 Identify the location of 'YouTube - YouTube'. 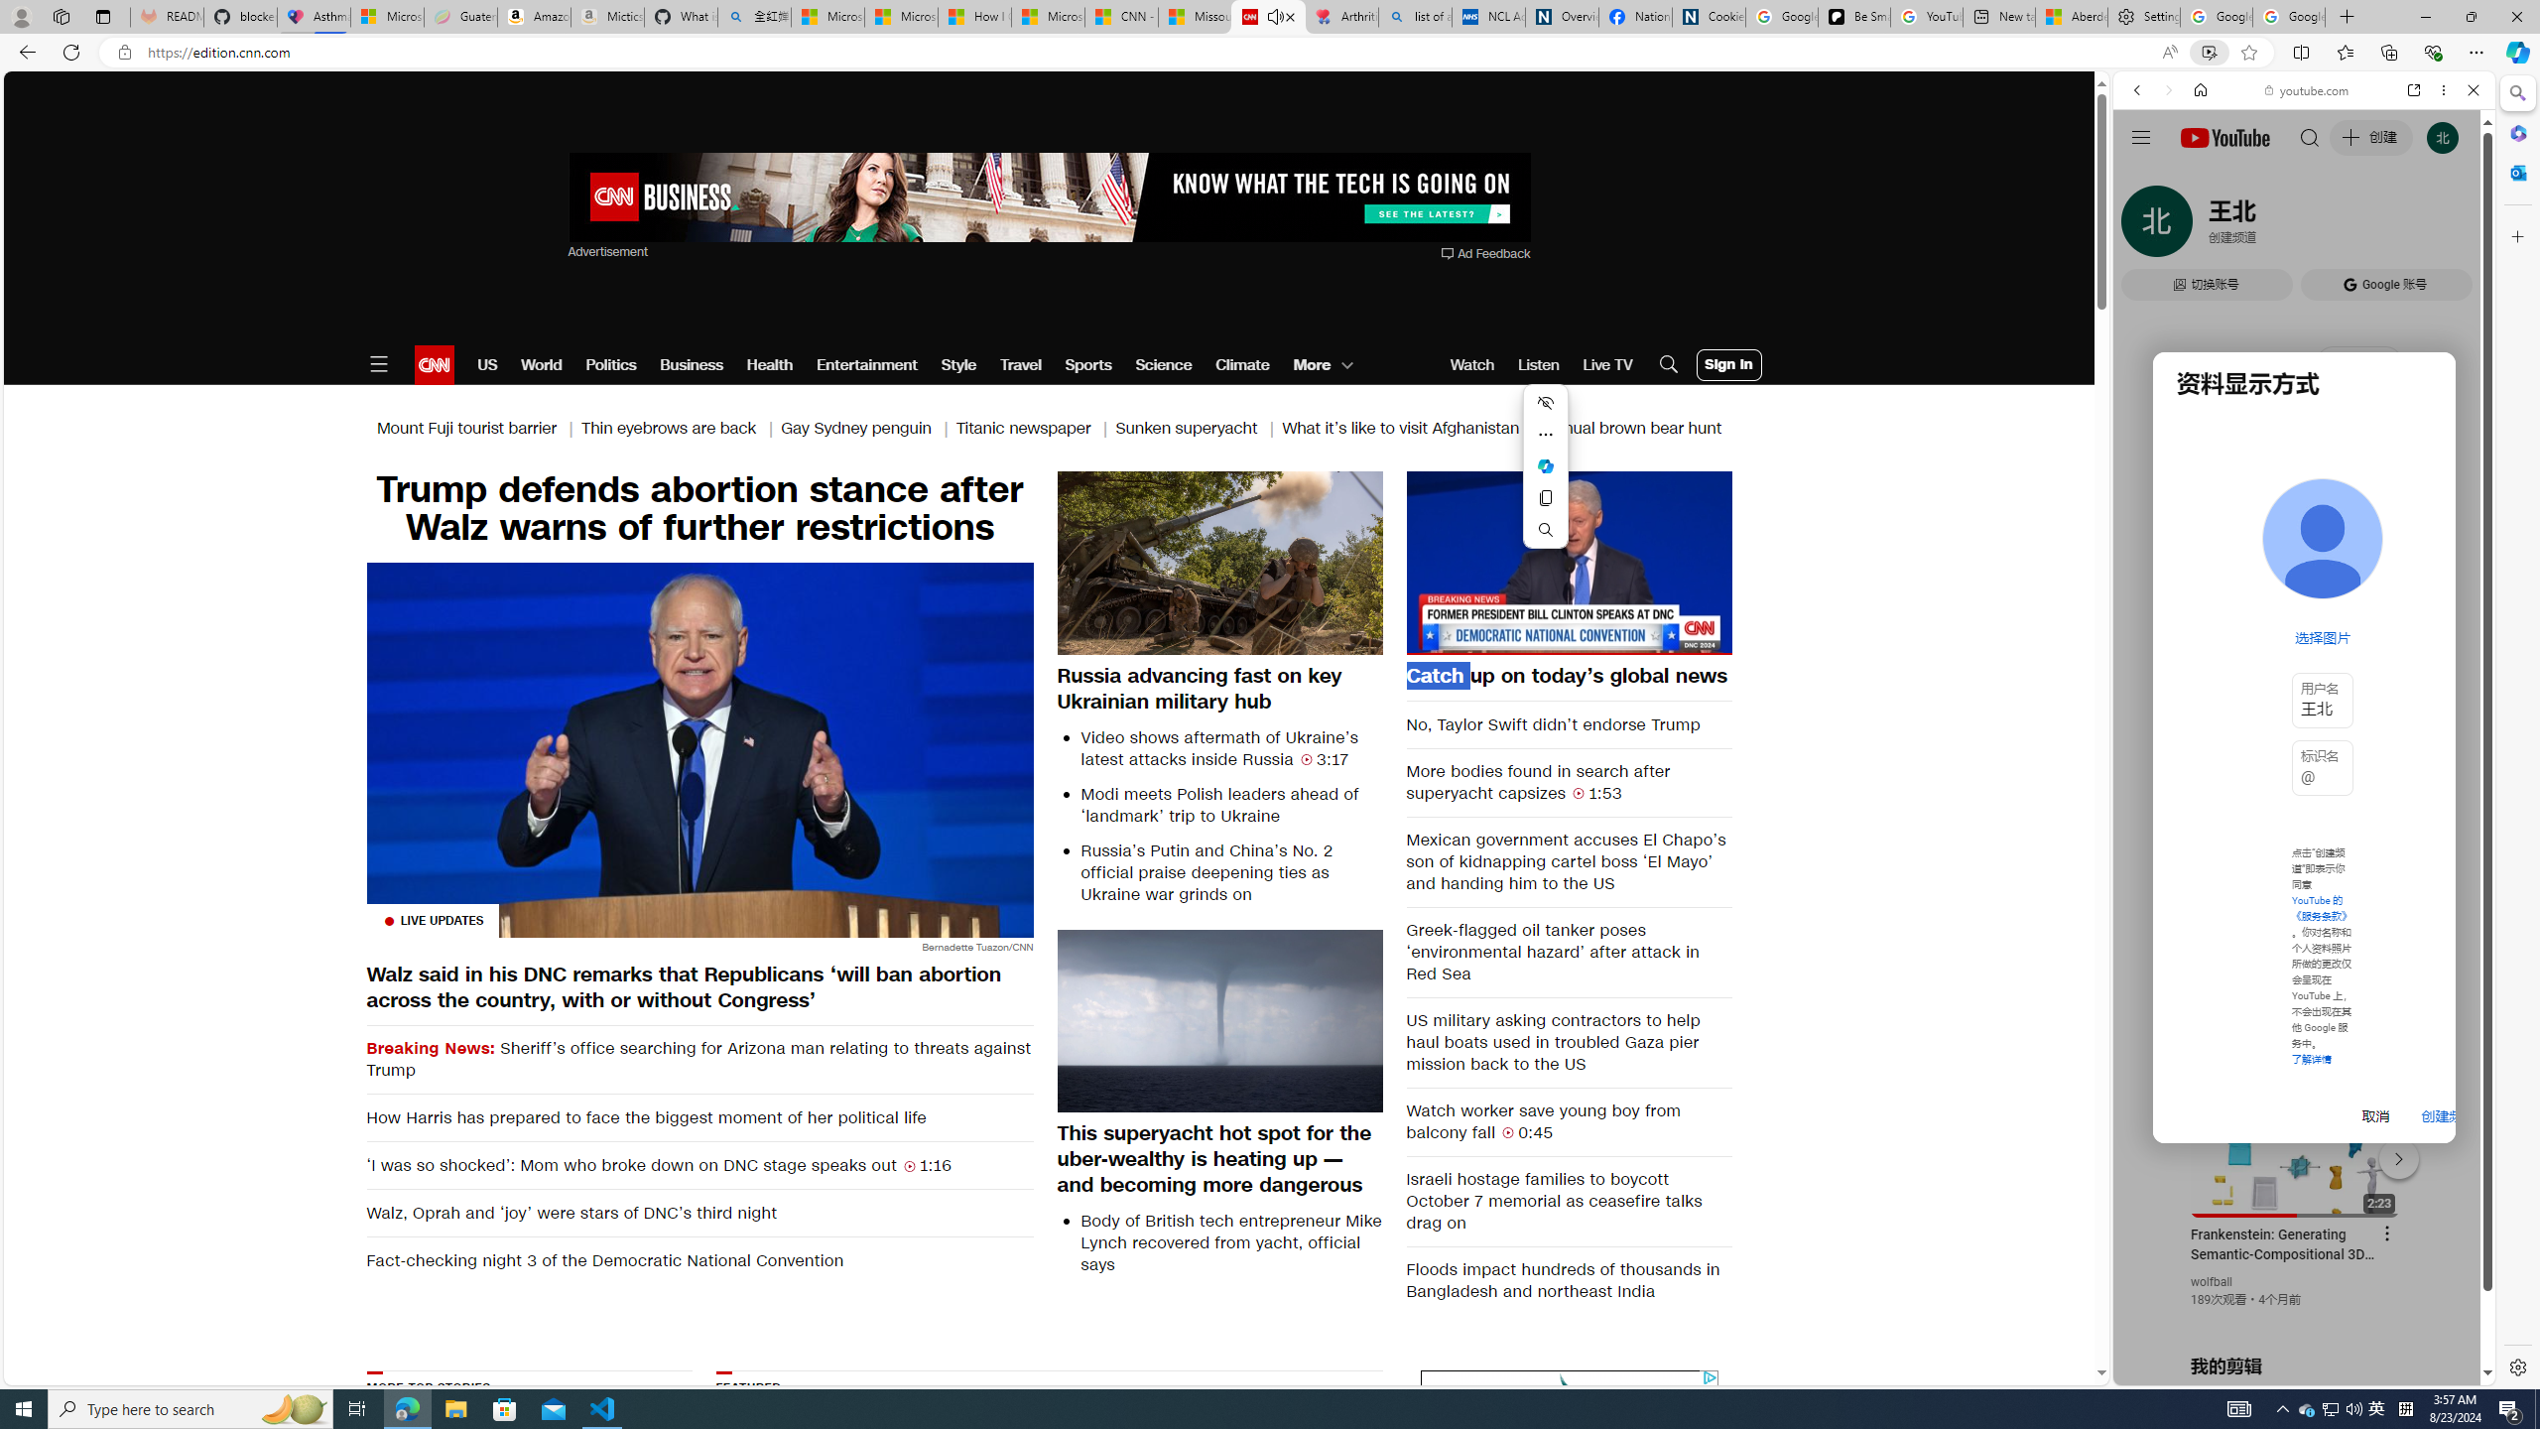
(2296, 977).